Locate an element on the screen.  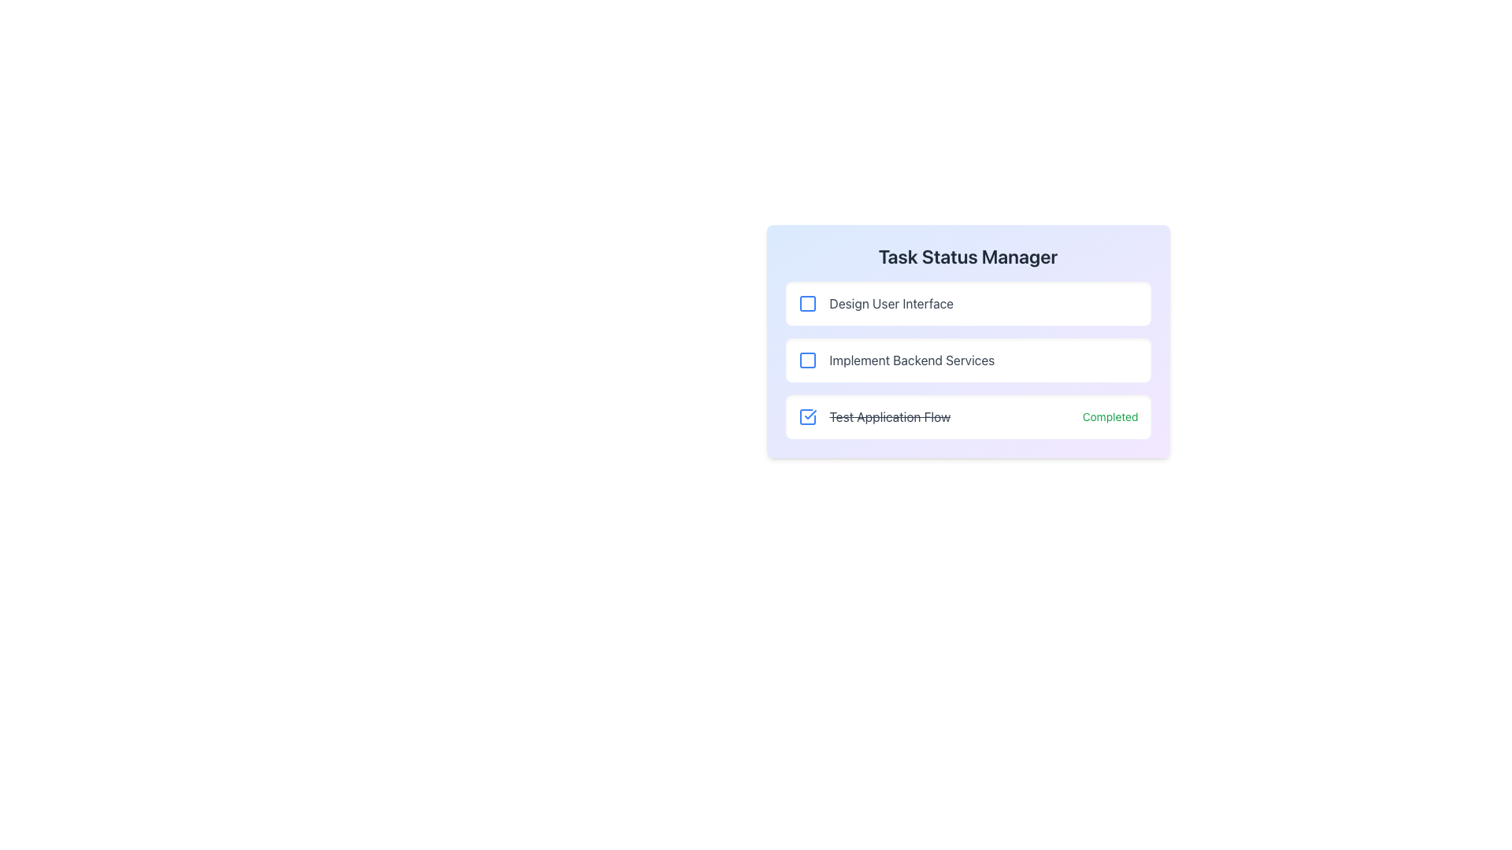
text of the completed task label, which is the third item in the 'Task Status Manager' card. The label features a strikethrough style indicating that the task is completed is located at coordinates (873, 416).